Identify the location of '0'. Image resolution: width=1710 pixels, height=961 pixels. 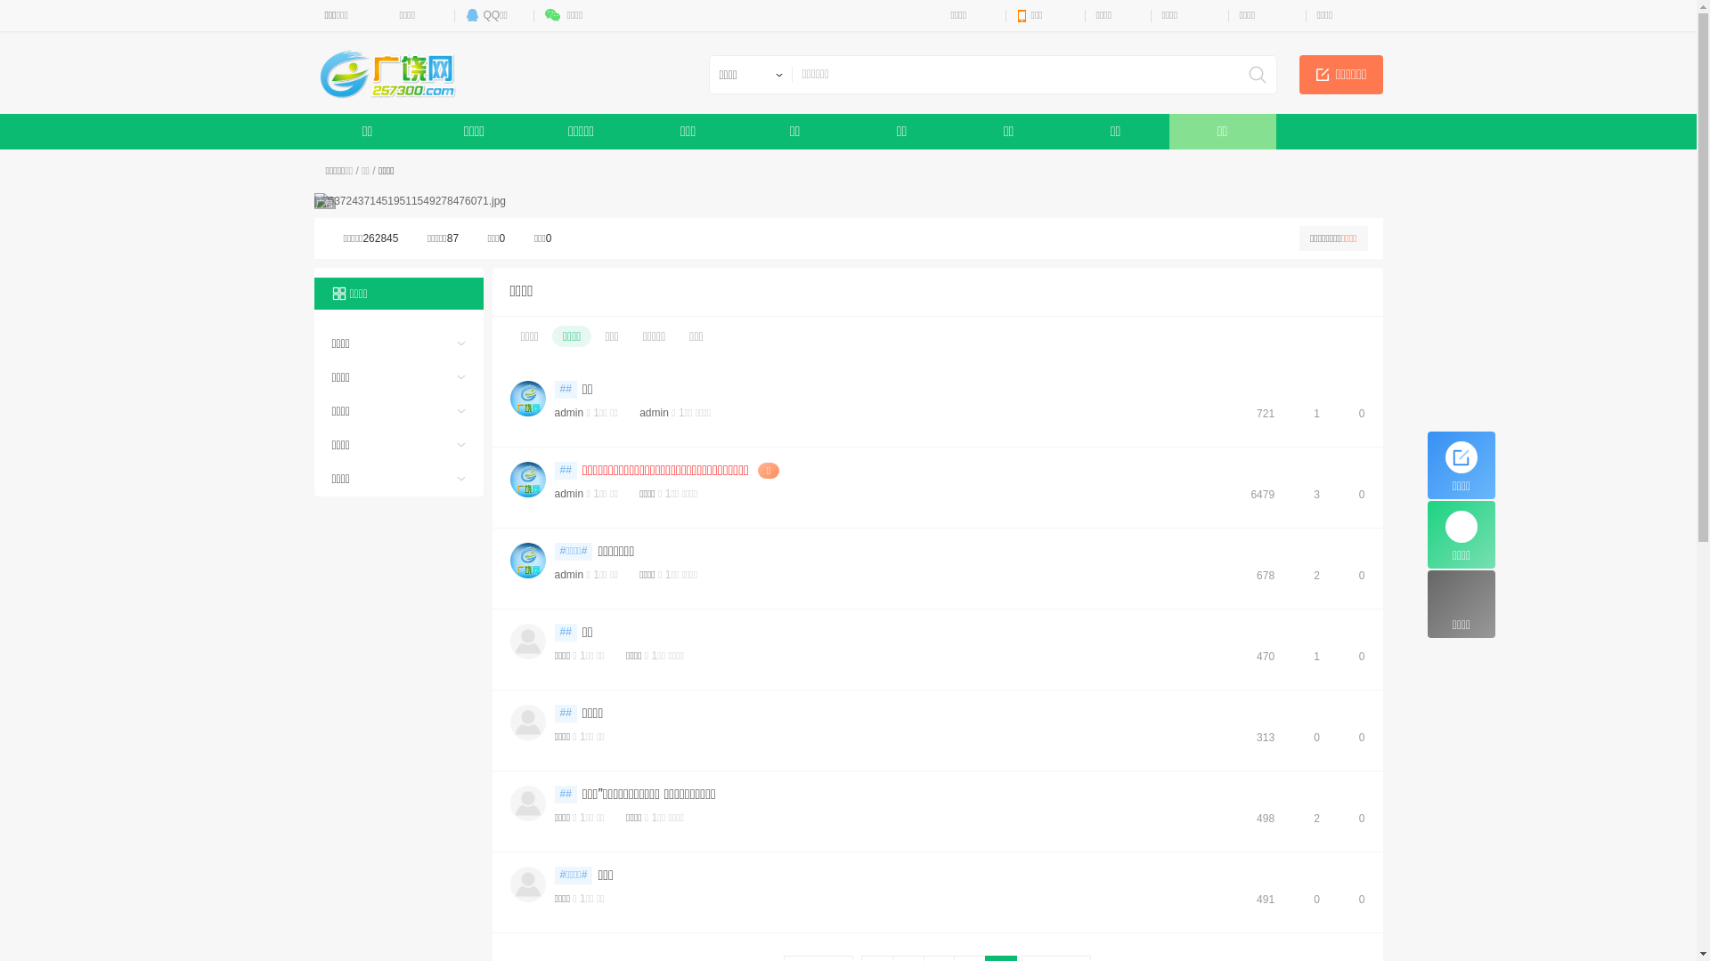
(1307, 899).